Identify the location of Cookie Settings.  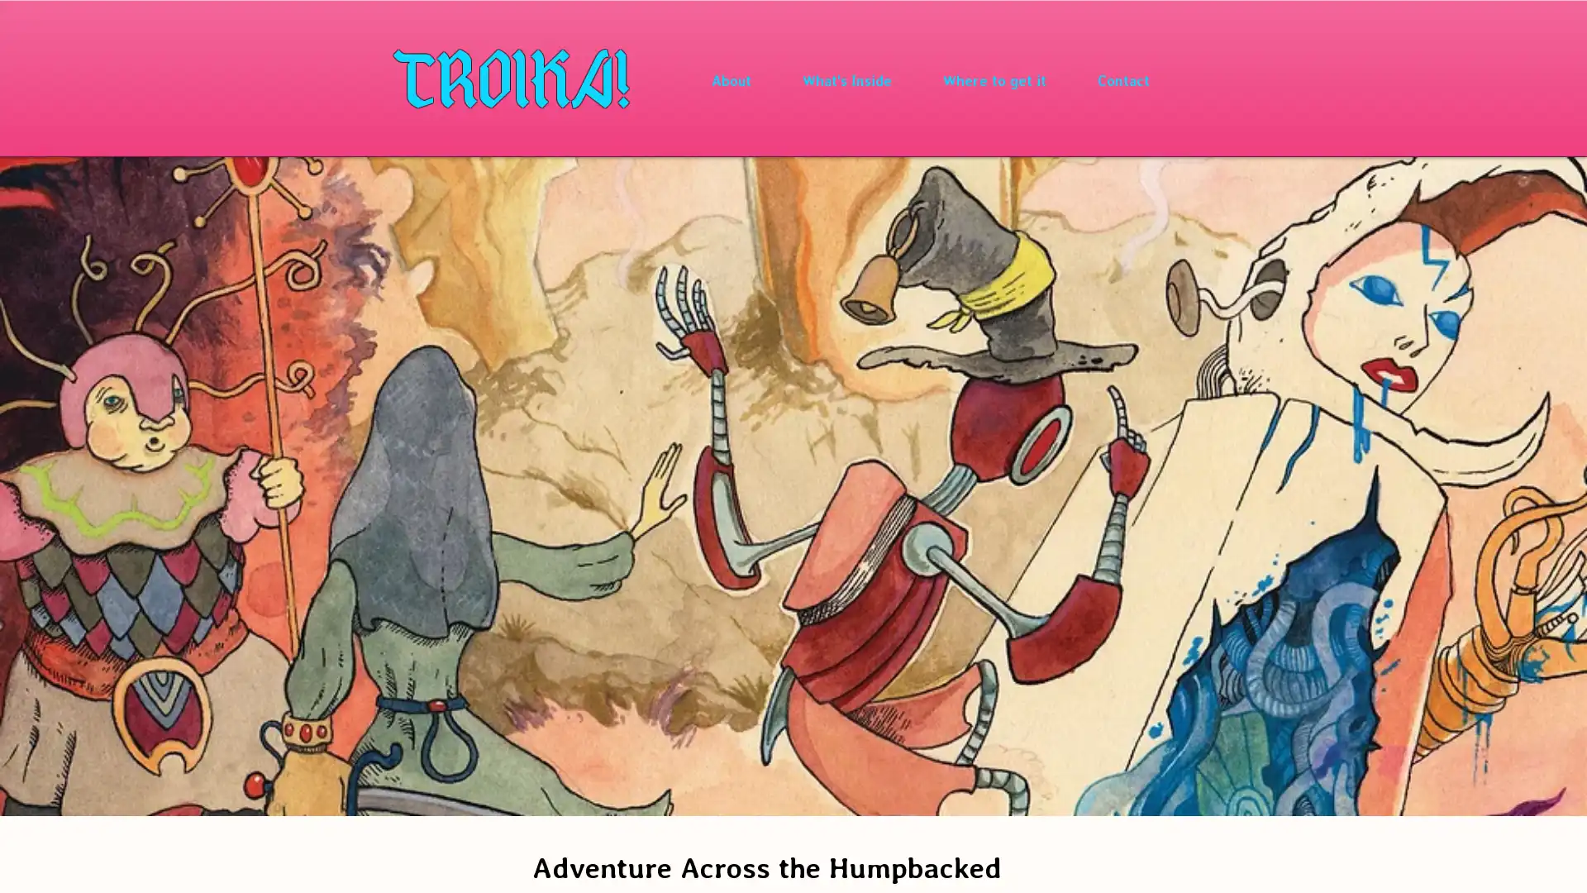
(1408, 863).